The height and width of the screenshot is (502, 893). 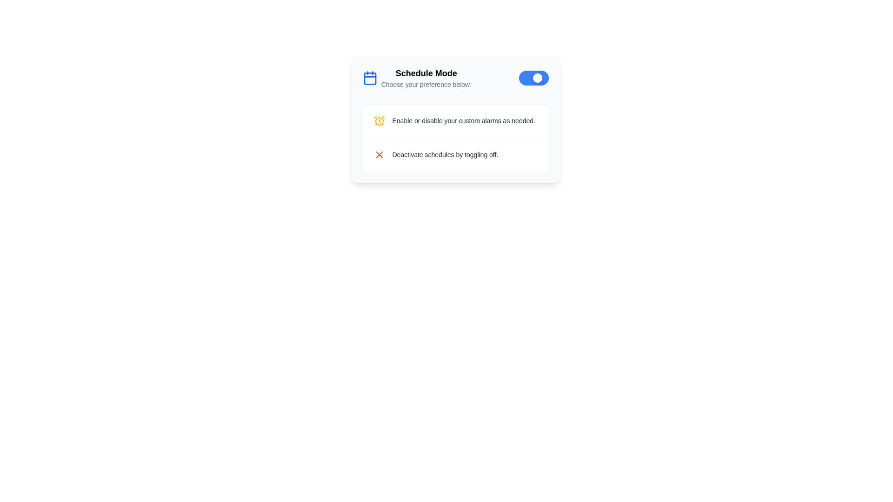 What do you see at coordinates (379, 154) in the screenshot?
I see `the deactivate/delete icon located to the far left of the text 'Deactivate schedules by toggling off.'` at bounding box center [379, 154].